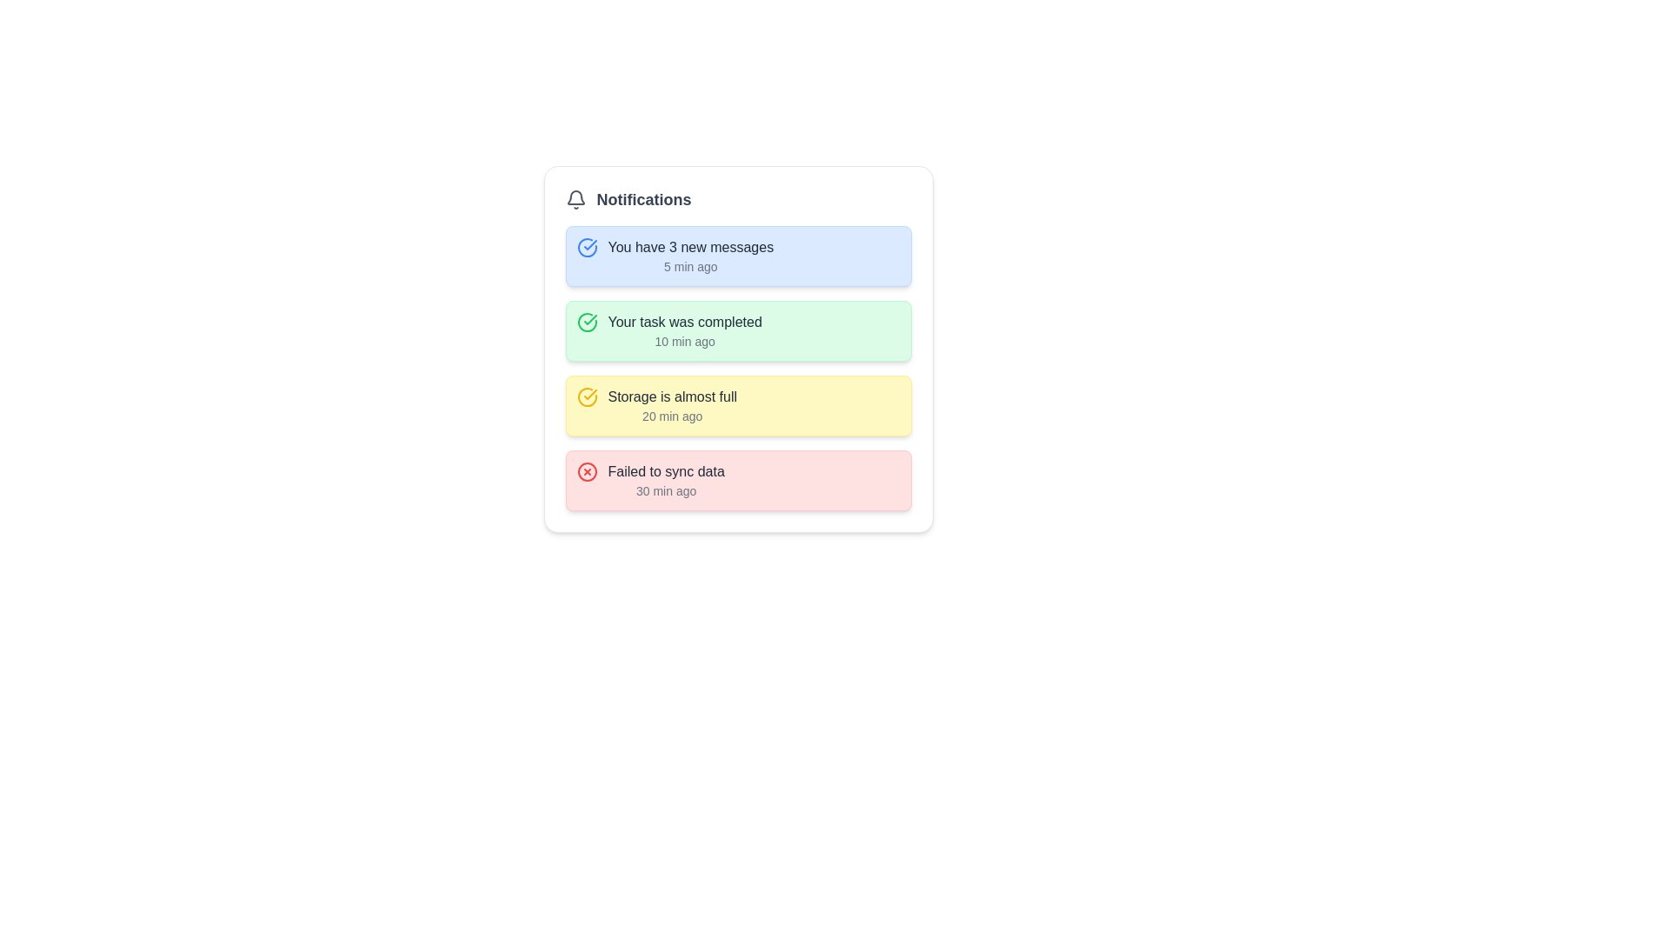 The width and height of the screenshot is (1669, 939). I want to click on the circular green icon with a check mark in the second notification card, which indicates that the task was completed, so click(587, 322).